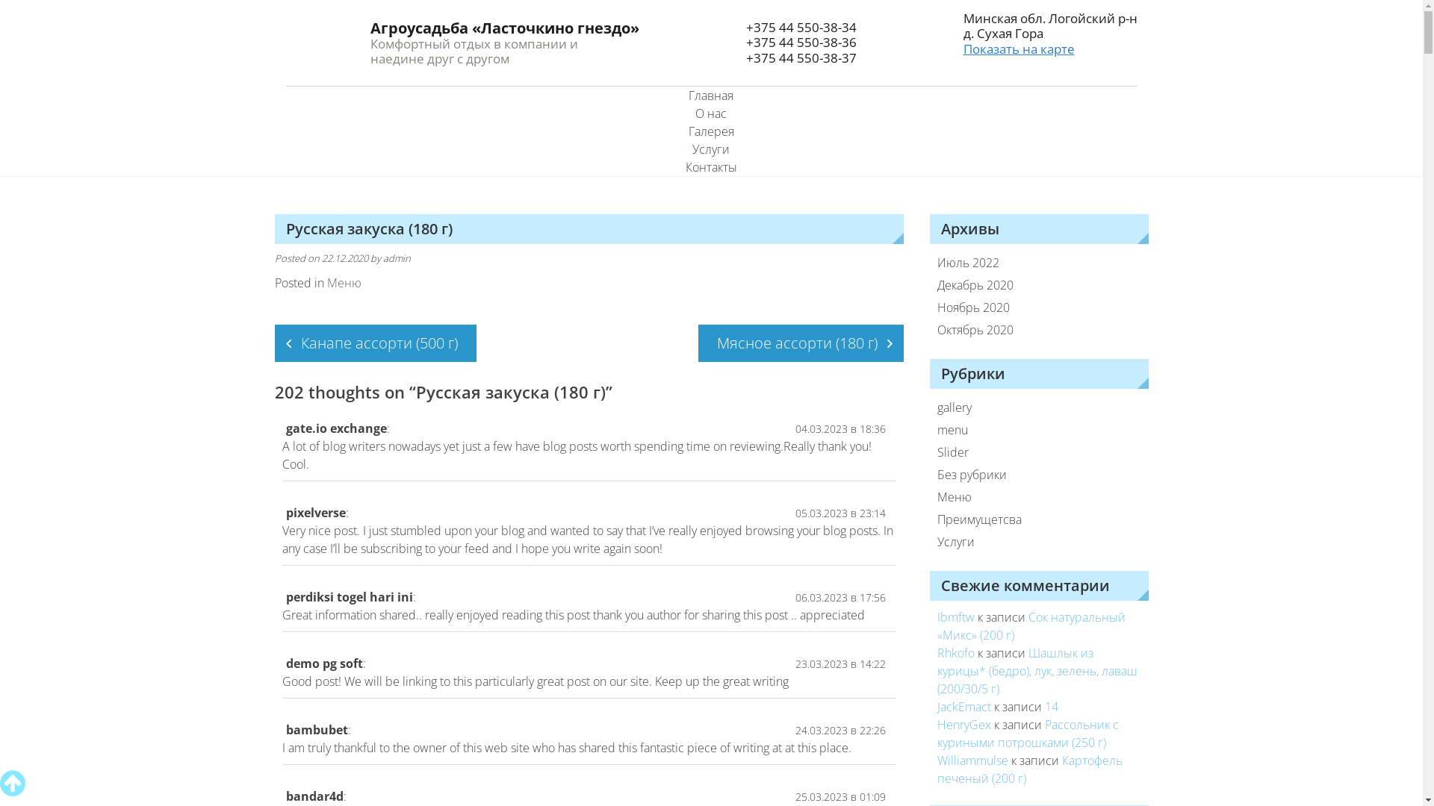 This screenshot has width=1434, height=806. Describe the element at coordinates (956, 652) in the screenshot. I see `'Rhkofo'` at that location.